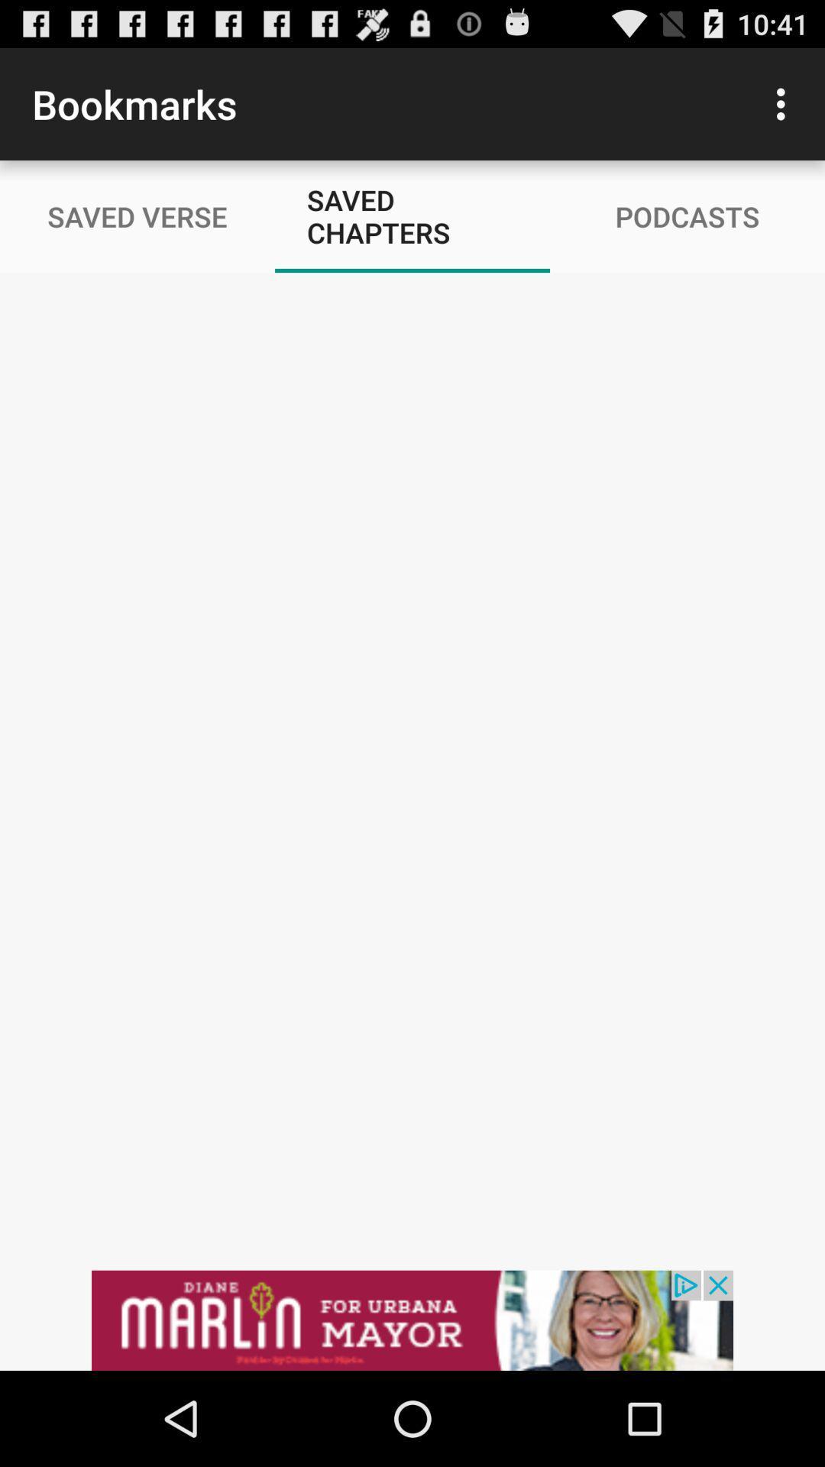 The width and height of the screenshot is (825, 1467). What do you see at coordinates (412, 1320) in the screenshot?
I see `advertisement` at bounding box center [412, 1320].